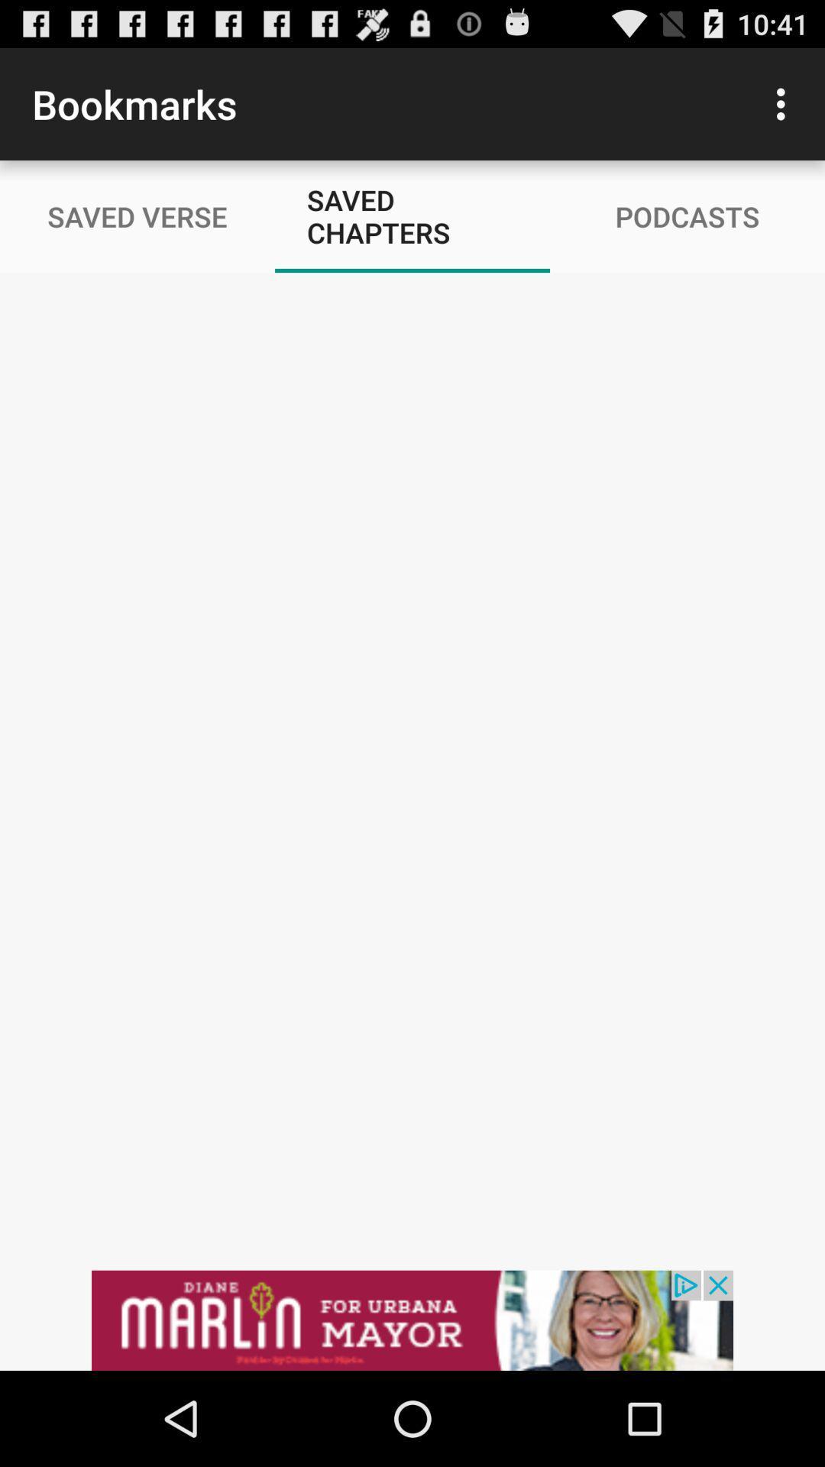 The width and height of the screenshot is (825, 1467). What do you see at coordinates (412, 1320) in the screenshot?
I see `advertisement` at bounding box center [412, 1320].